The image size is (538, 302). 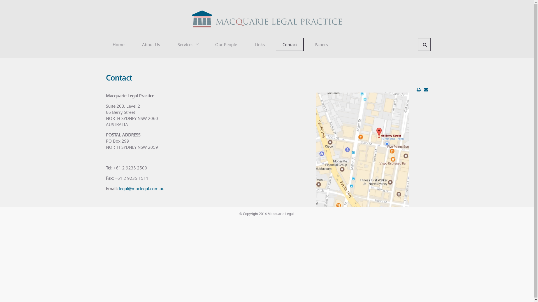 I want to click on 'Home', so click(x=106, y=44).